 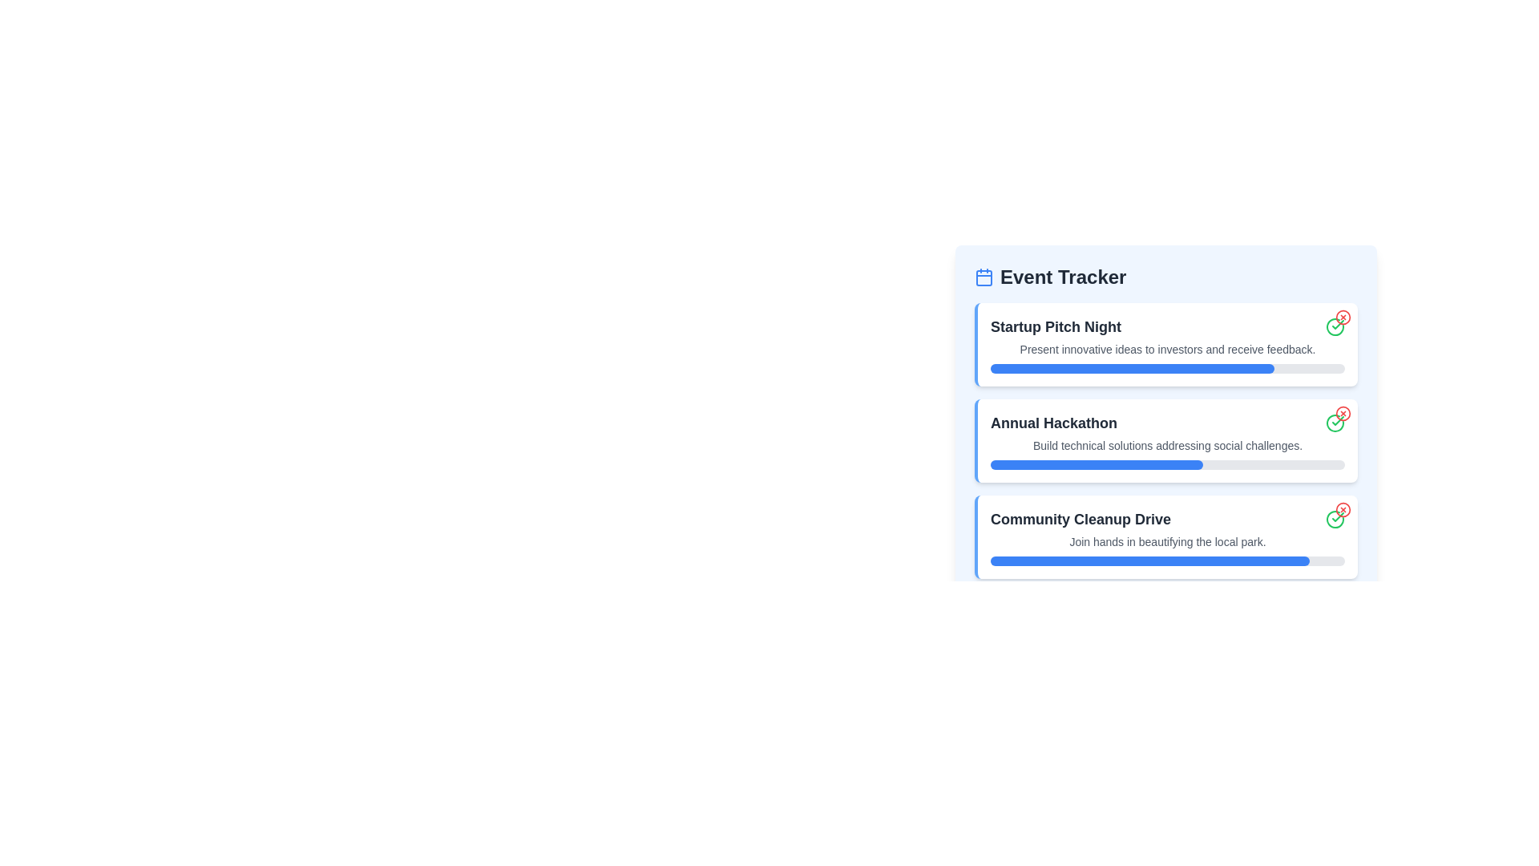 I want to click on text located directly underneath the title 'Startup Pitch Night' in the second line of the 'Startup Pitch Night' card, so click(x=1168, y=348).